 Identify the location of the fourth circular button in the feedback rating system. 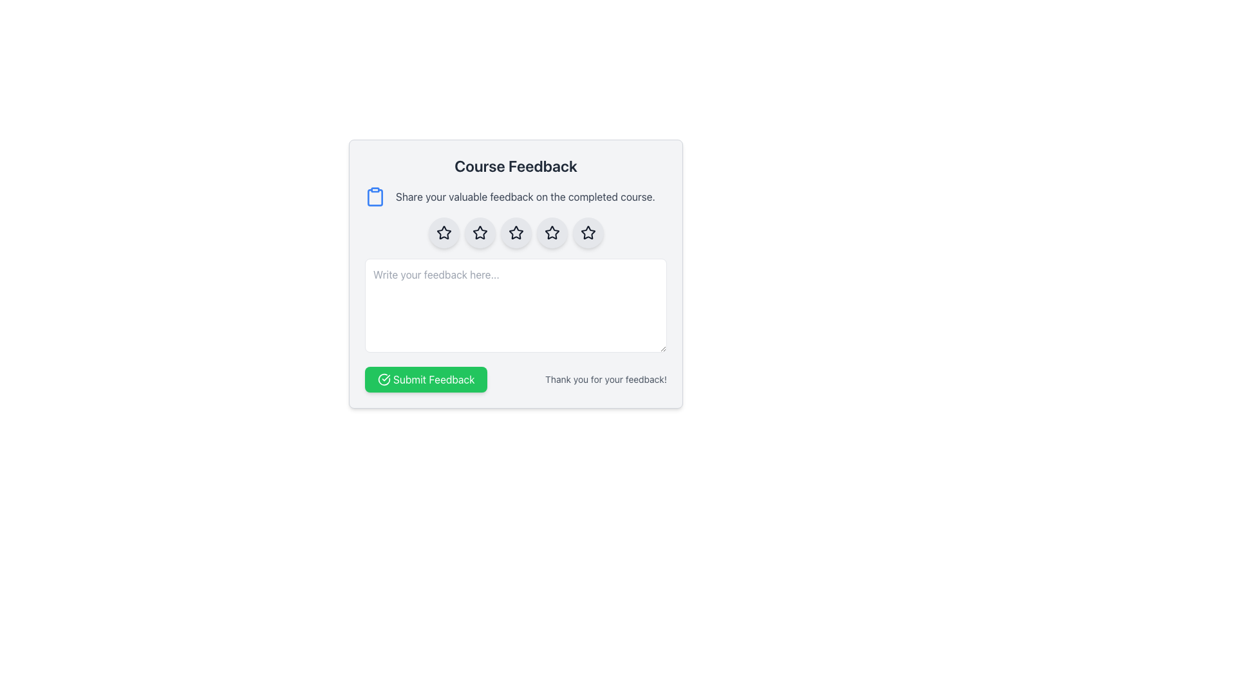
(552, 233).